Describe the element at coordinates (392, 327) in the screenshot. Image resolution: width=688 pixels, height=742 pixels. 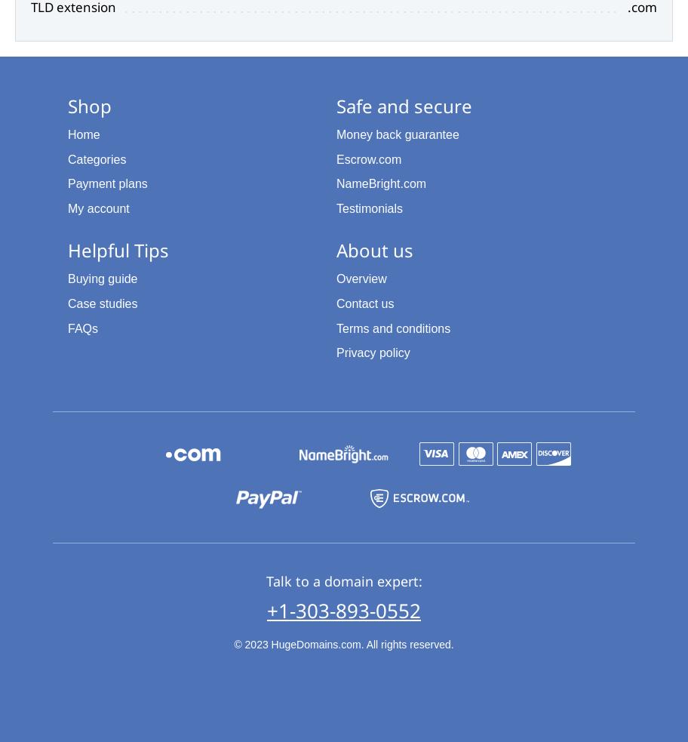
I see `'Terms and conditions'` at that location.